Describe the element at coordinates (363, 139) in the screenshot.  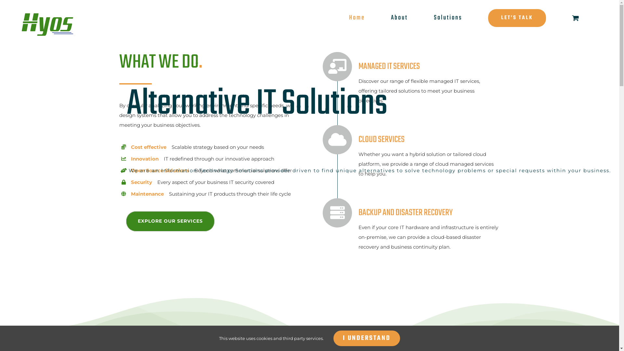
I see `'CLOUD SERVICES'` at that location.